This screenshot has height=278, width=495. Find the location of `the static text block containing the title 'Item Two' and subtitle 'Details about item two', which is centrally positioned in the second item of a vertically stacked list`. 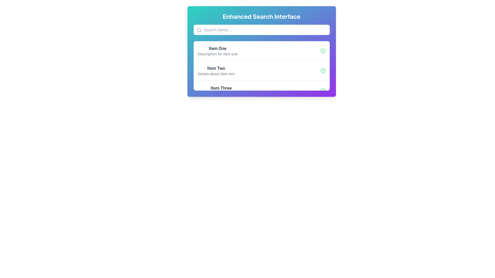

the static text block containing the title 'Item Two' and subtitle 'Details about item two', which is centrally positioned in the second item of a vertically stacked list is located at coordinates (216, 71).